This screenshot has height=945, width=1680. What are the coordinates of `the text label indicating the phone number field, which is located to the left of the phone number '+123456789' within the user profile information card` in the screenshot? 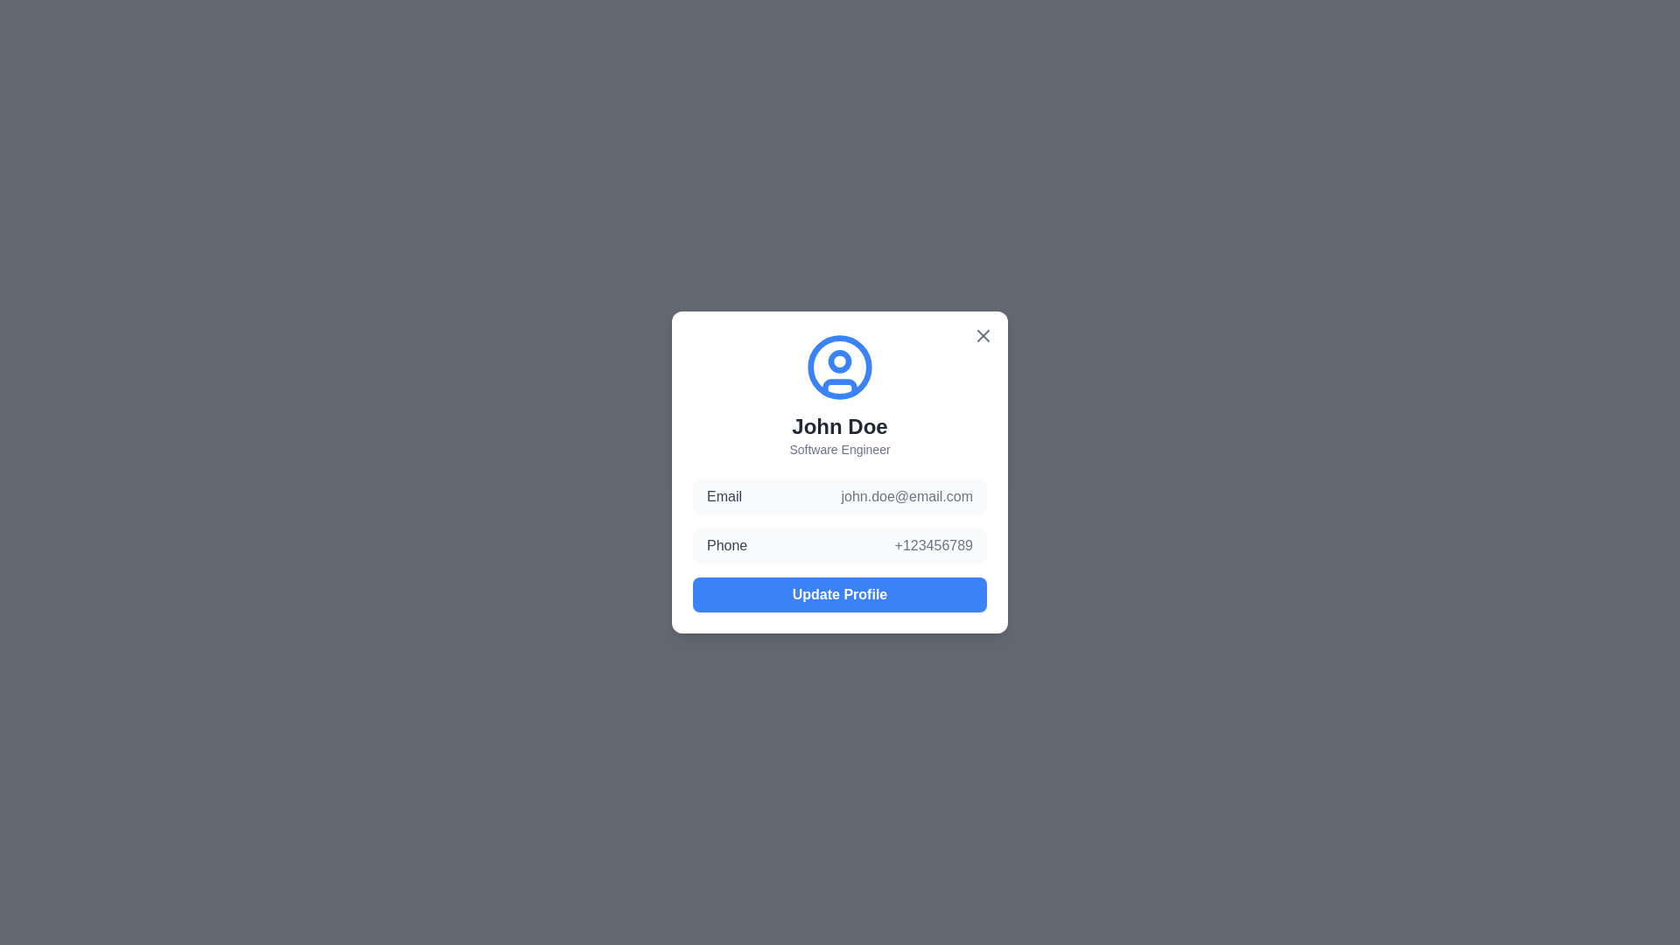 It's located at (727, 545).